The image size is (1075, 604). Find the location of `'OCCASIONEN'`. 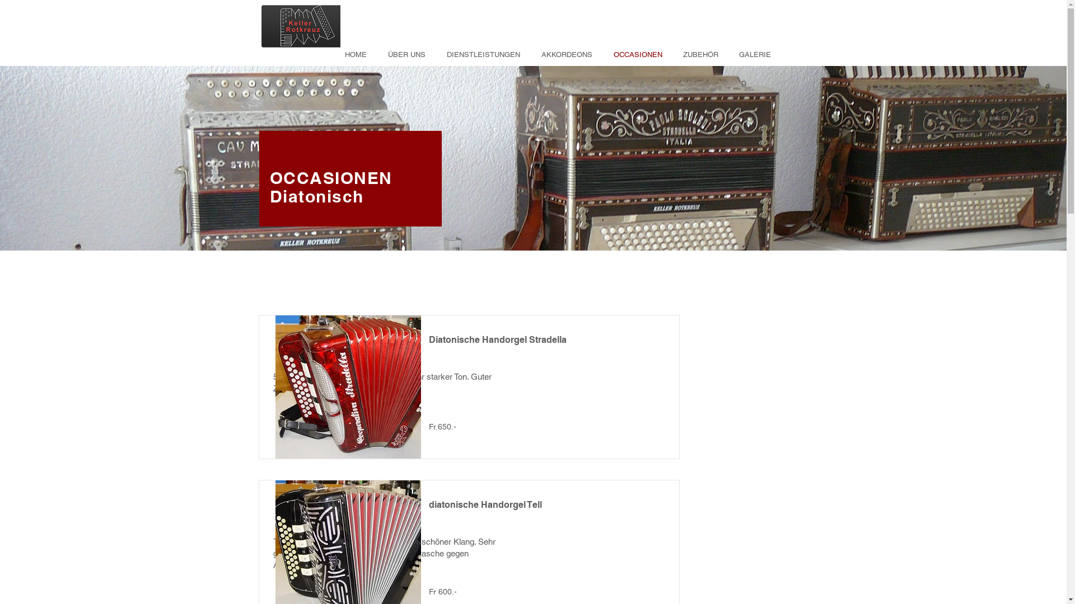

'OCCASIONEN' is located at coordinates (330, 177).